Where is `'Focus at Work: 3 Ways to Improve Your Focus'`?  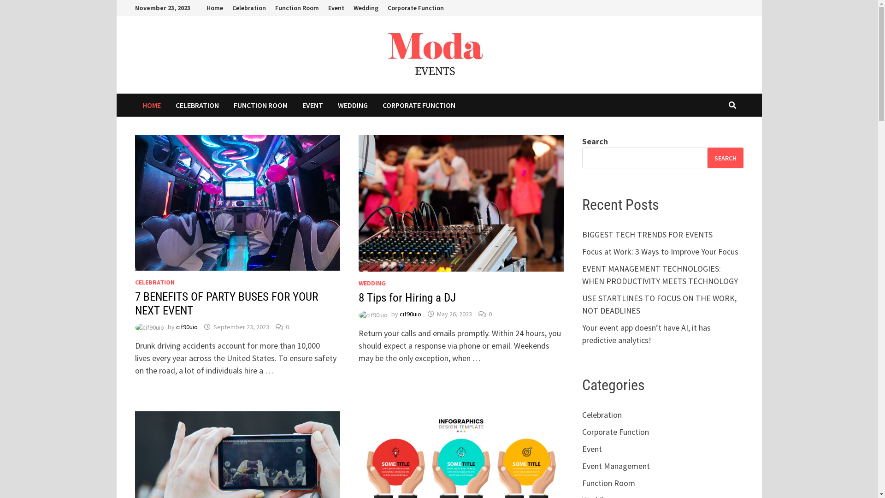
'Focus at Work: 3 Ways to Improve Your Focus' is located at coordinates (660, 251).